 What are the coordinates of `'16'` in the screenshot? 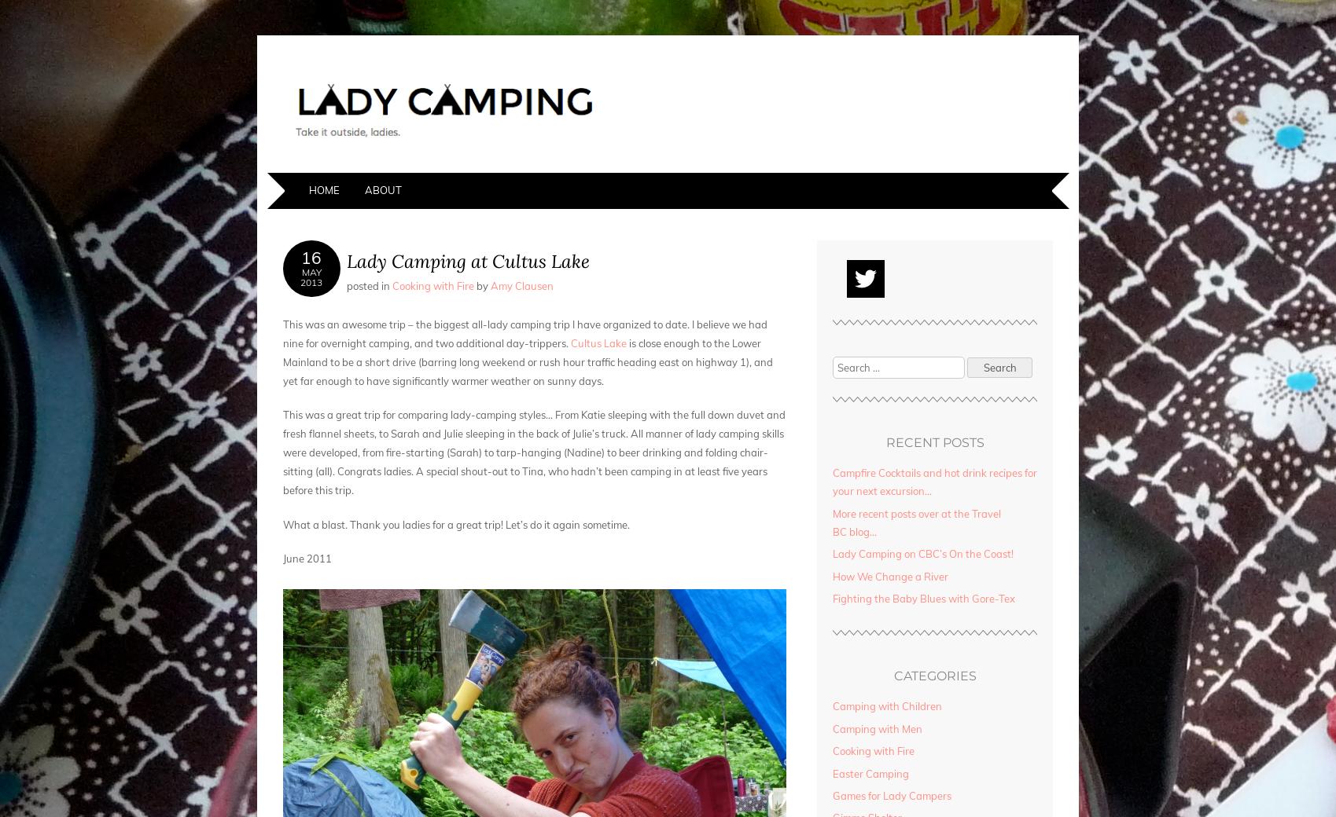 It's located at (311, 257).